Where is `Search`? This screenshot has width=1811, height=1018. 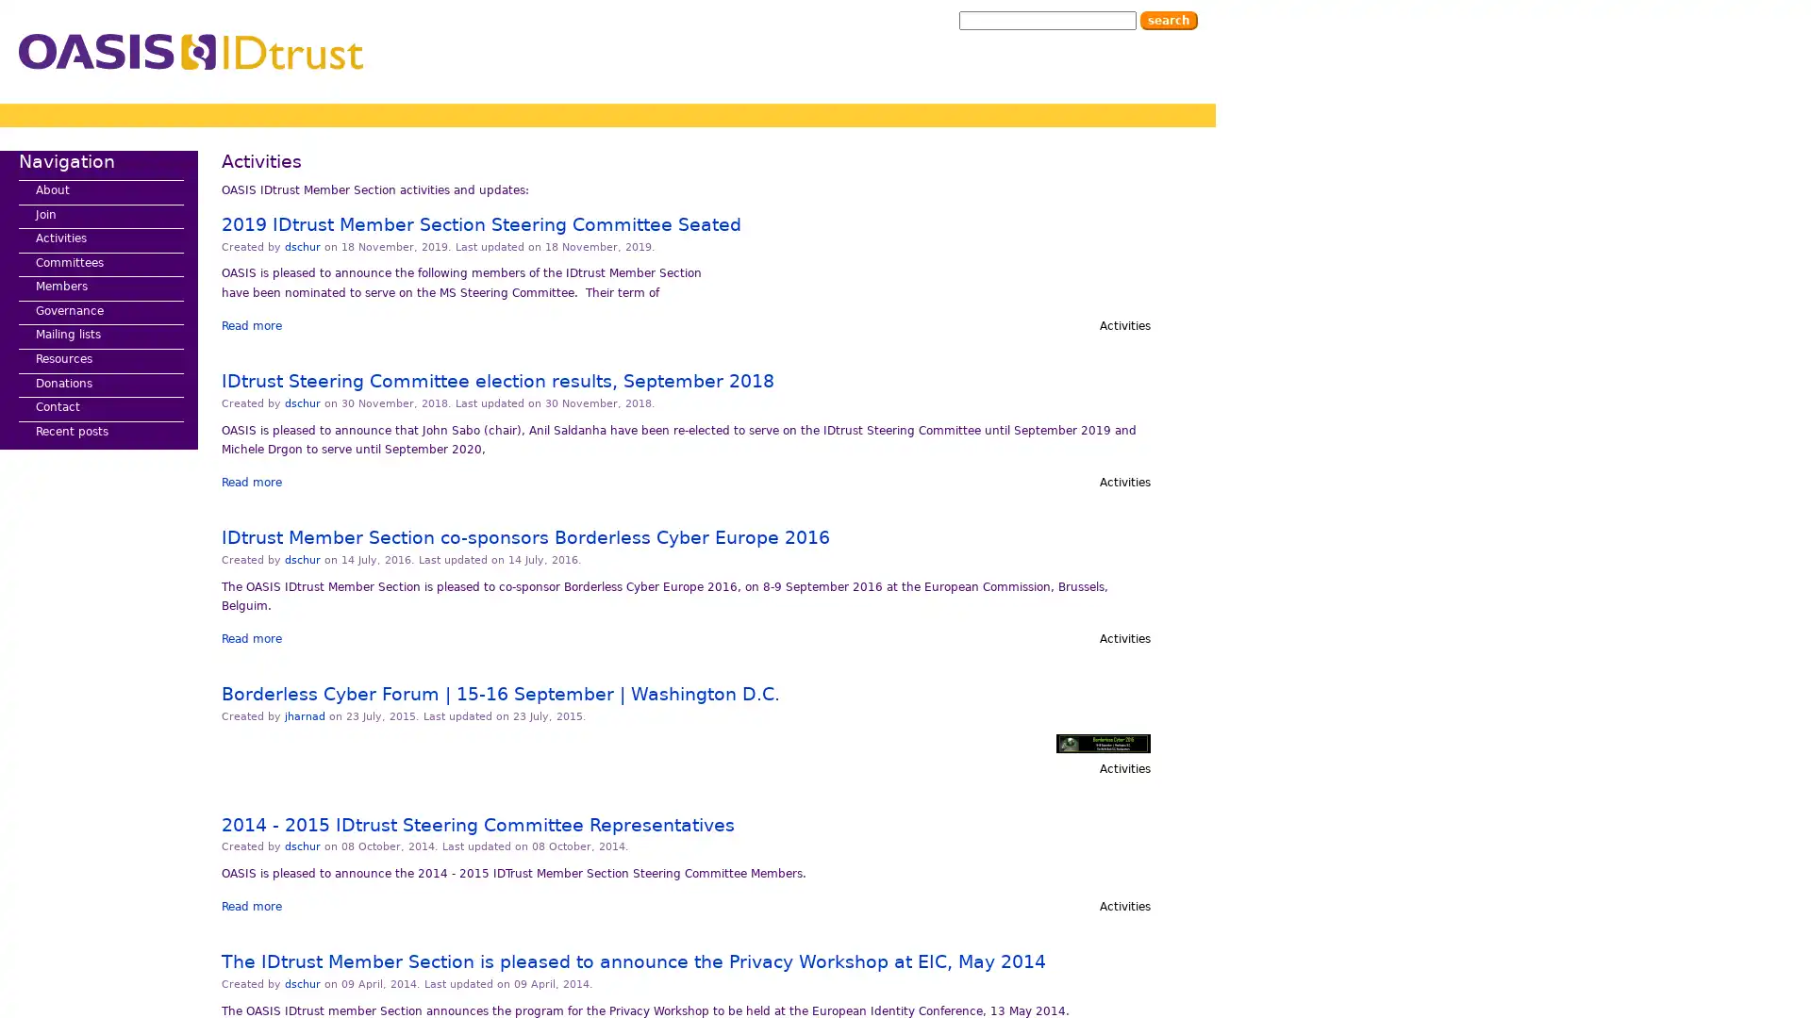 Search is located at coordinates (1168, 21).